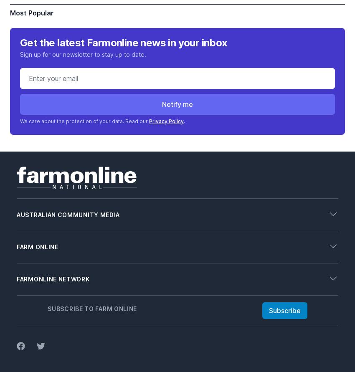 Image resolution: width=355 pixels, height=372 pixels. What do you see at coordinates (33, 358) in the screenshot?
I see `'Horse Deals'` at bounding box center [33, 358].